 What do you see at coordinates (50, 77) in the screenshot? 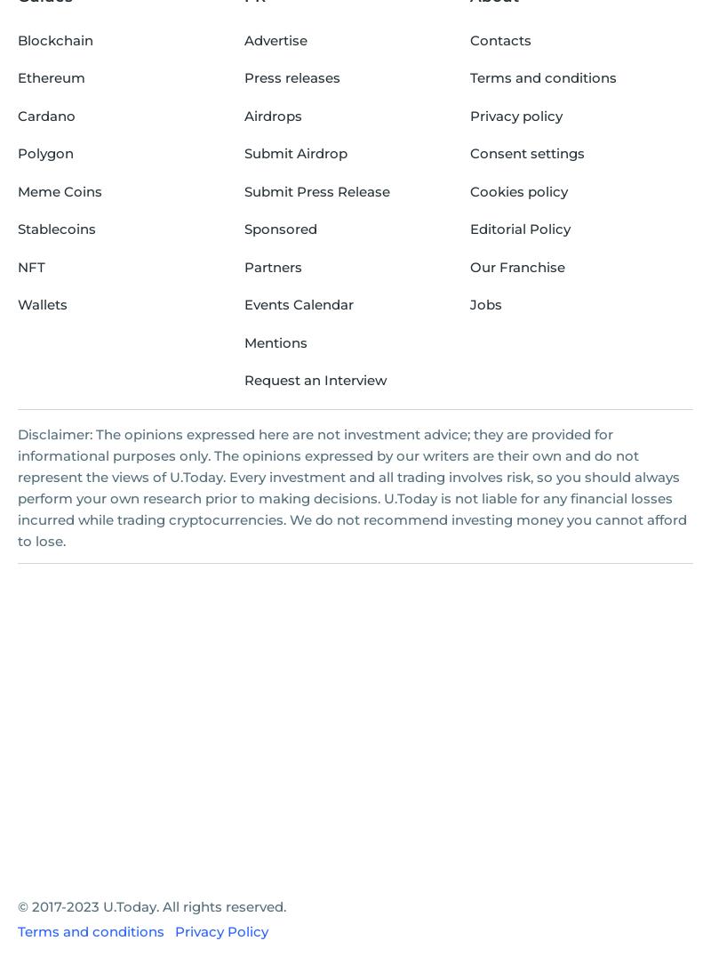
I see `'Ethereum'` at bounding box center [50, 77].